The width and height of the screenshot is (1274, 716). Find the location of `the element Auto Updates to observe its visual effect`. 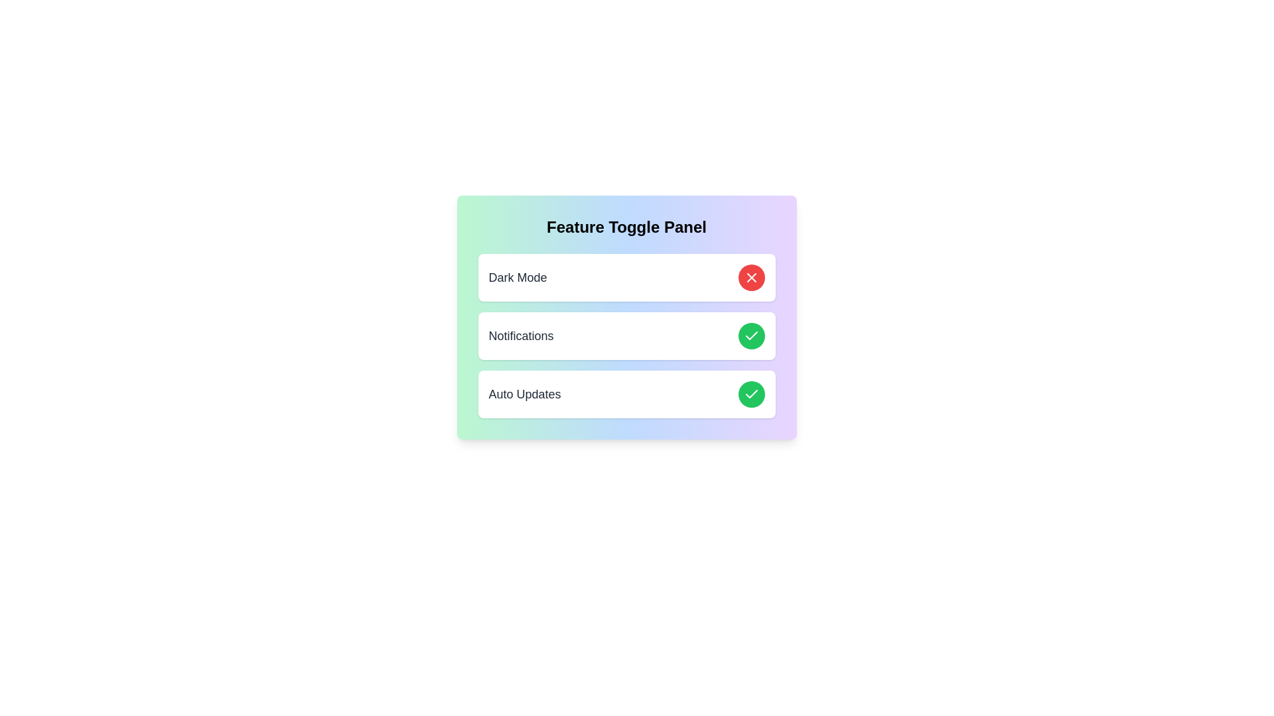

the element Auto Updates to observe its visual effect is located at coordinates (626, 393).